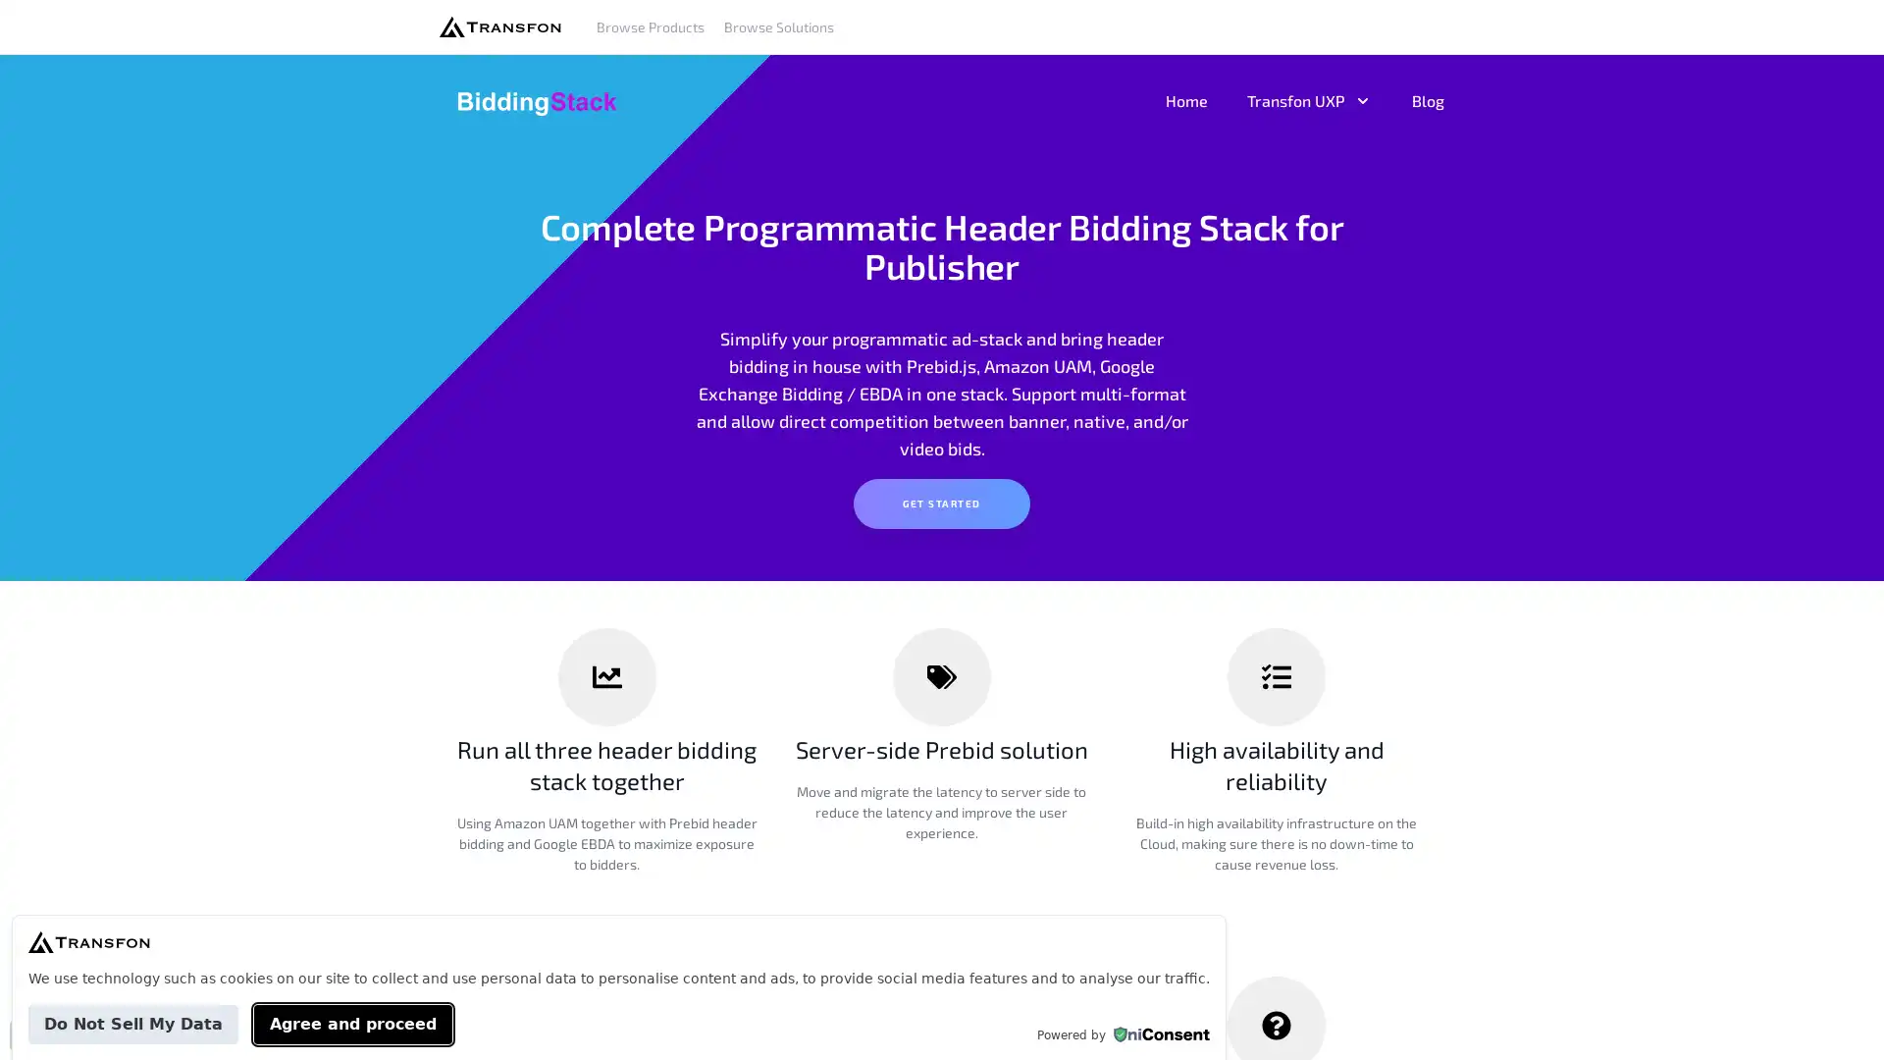 The image size is (1884, 1060). What do you see at coordinates (1309, 101) in the screenshot?
I see `Transfon UXP` at bounding box center [1309, 101].